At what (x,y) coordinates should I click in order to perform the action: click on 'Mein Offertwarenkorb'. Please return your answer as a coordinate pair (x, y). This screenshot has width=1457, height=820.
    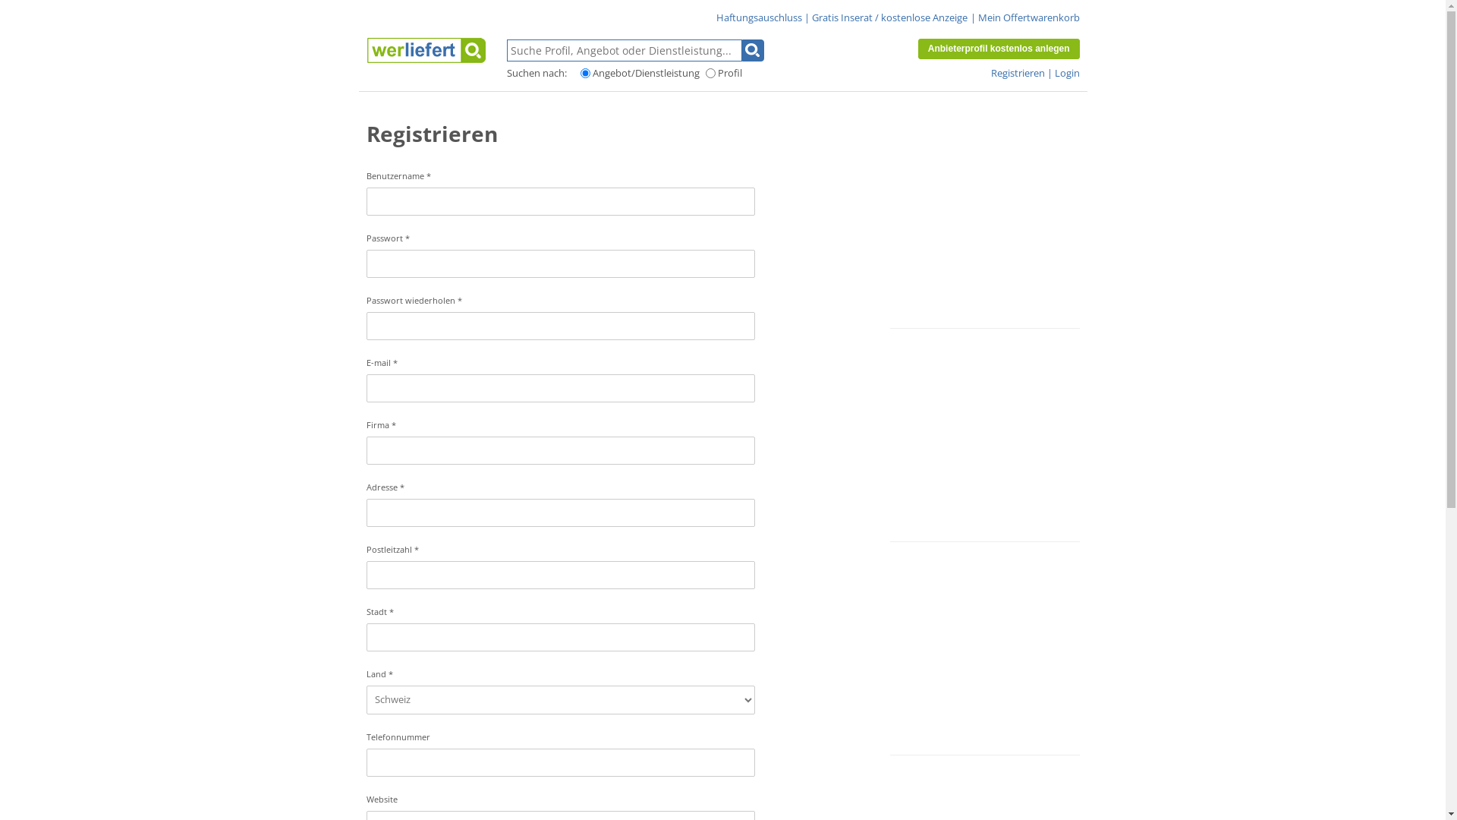
    Looking at the image, I should click on (1027, 17).